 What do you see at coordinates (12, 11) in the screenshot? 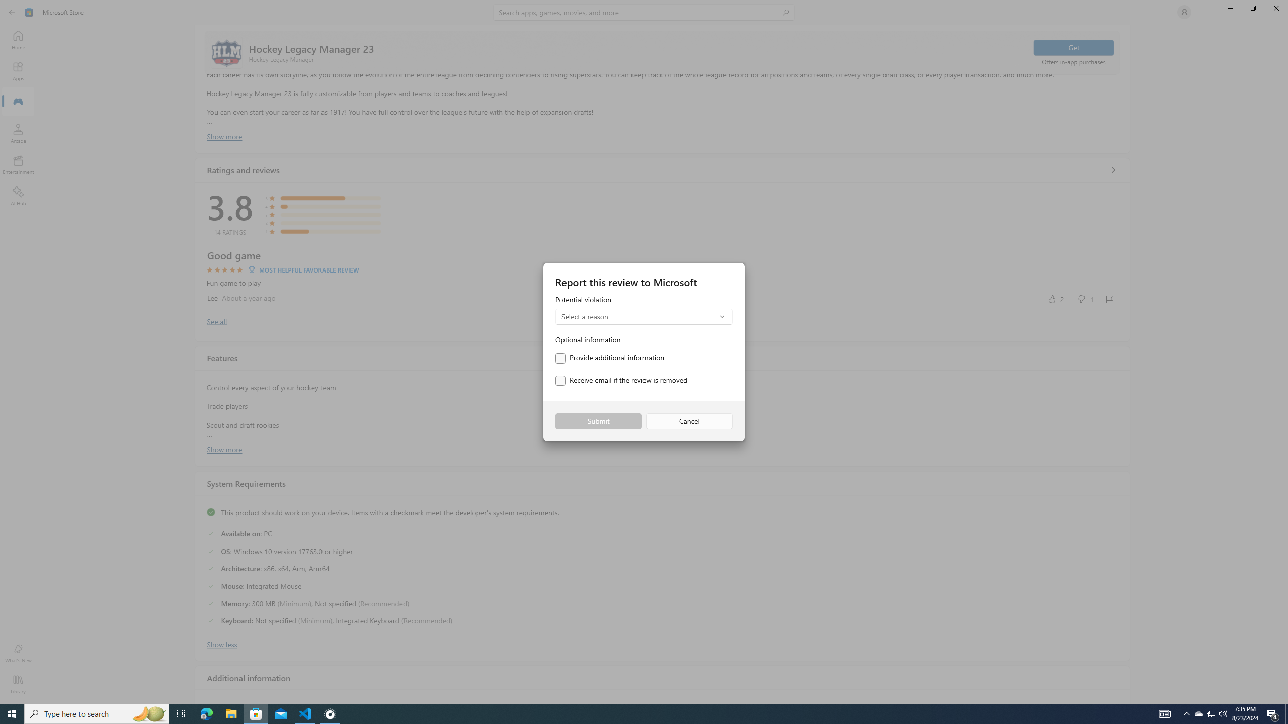
I see `'Back'` at bounding box center [12, 11].